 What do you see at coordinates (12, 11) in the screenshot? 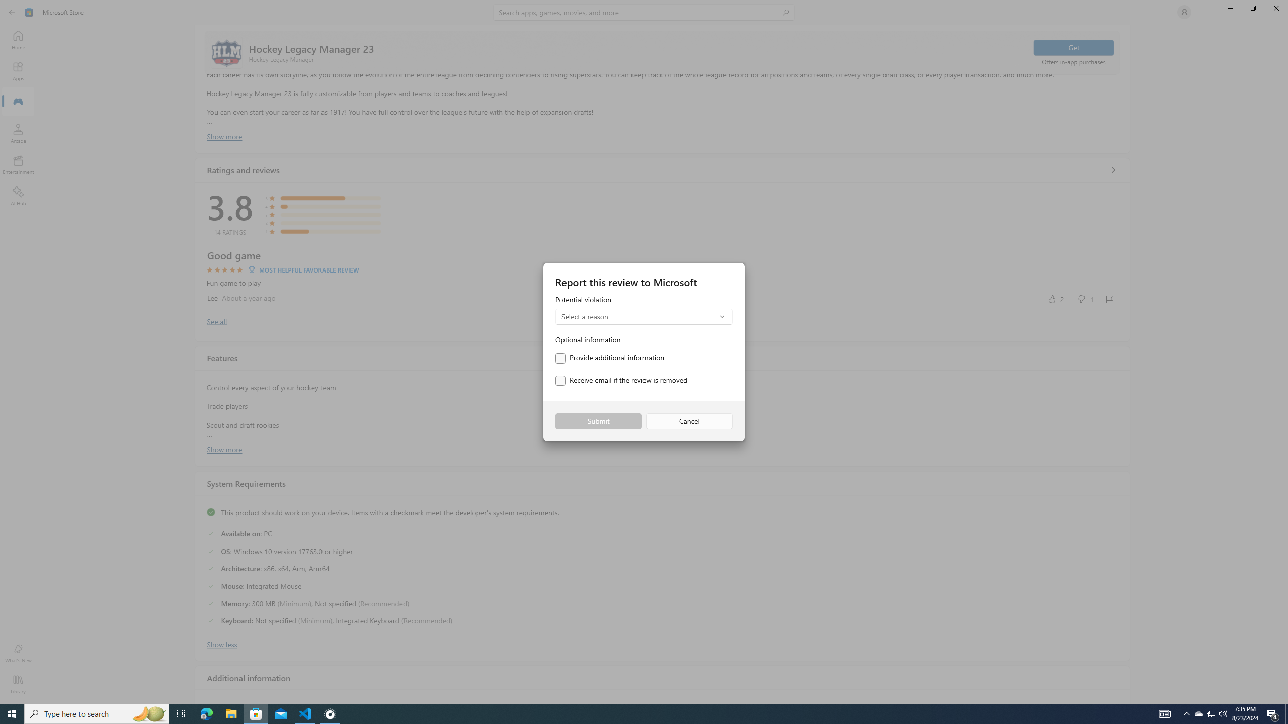
I see `'Back'` at bounding box center [12, 11].